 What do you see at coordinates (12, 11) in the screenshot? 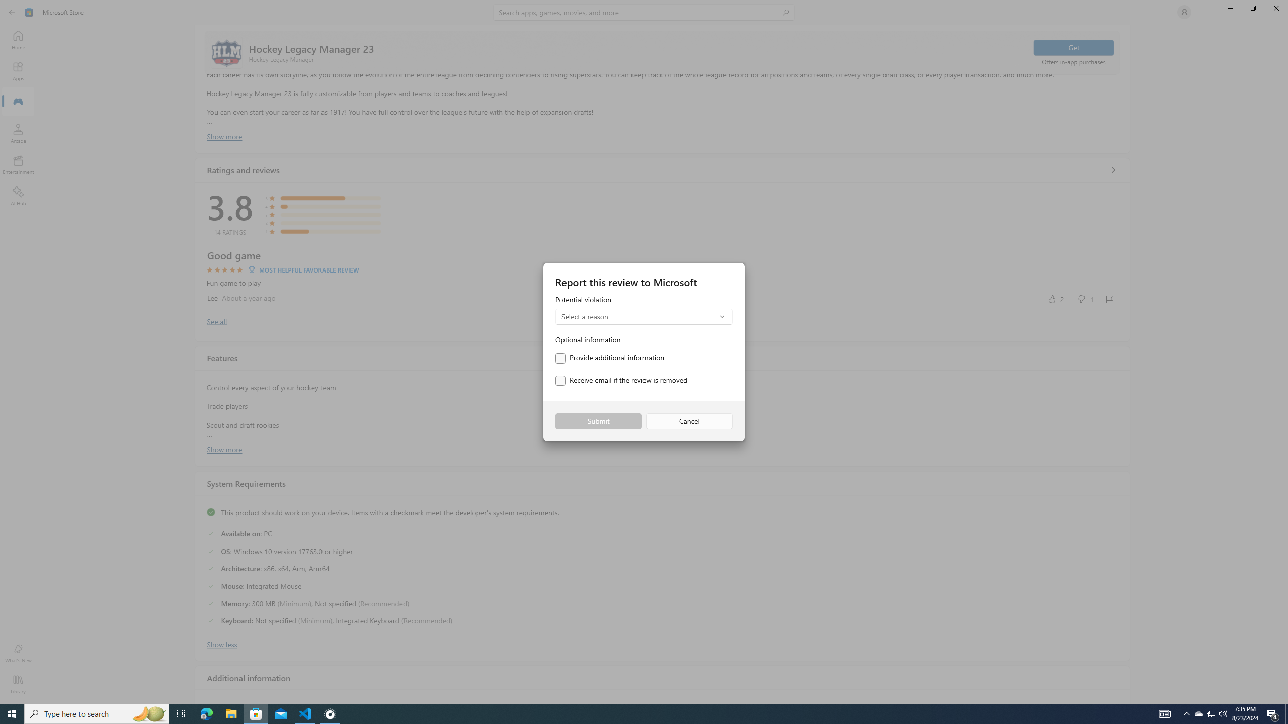
I see `'Back'` at bounding box center [12, 11].